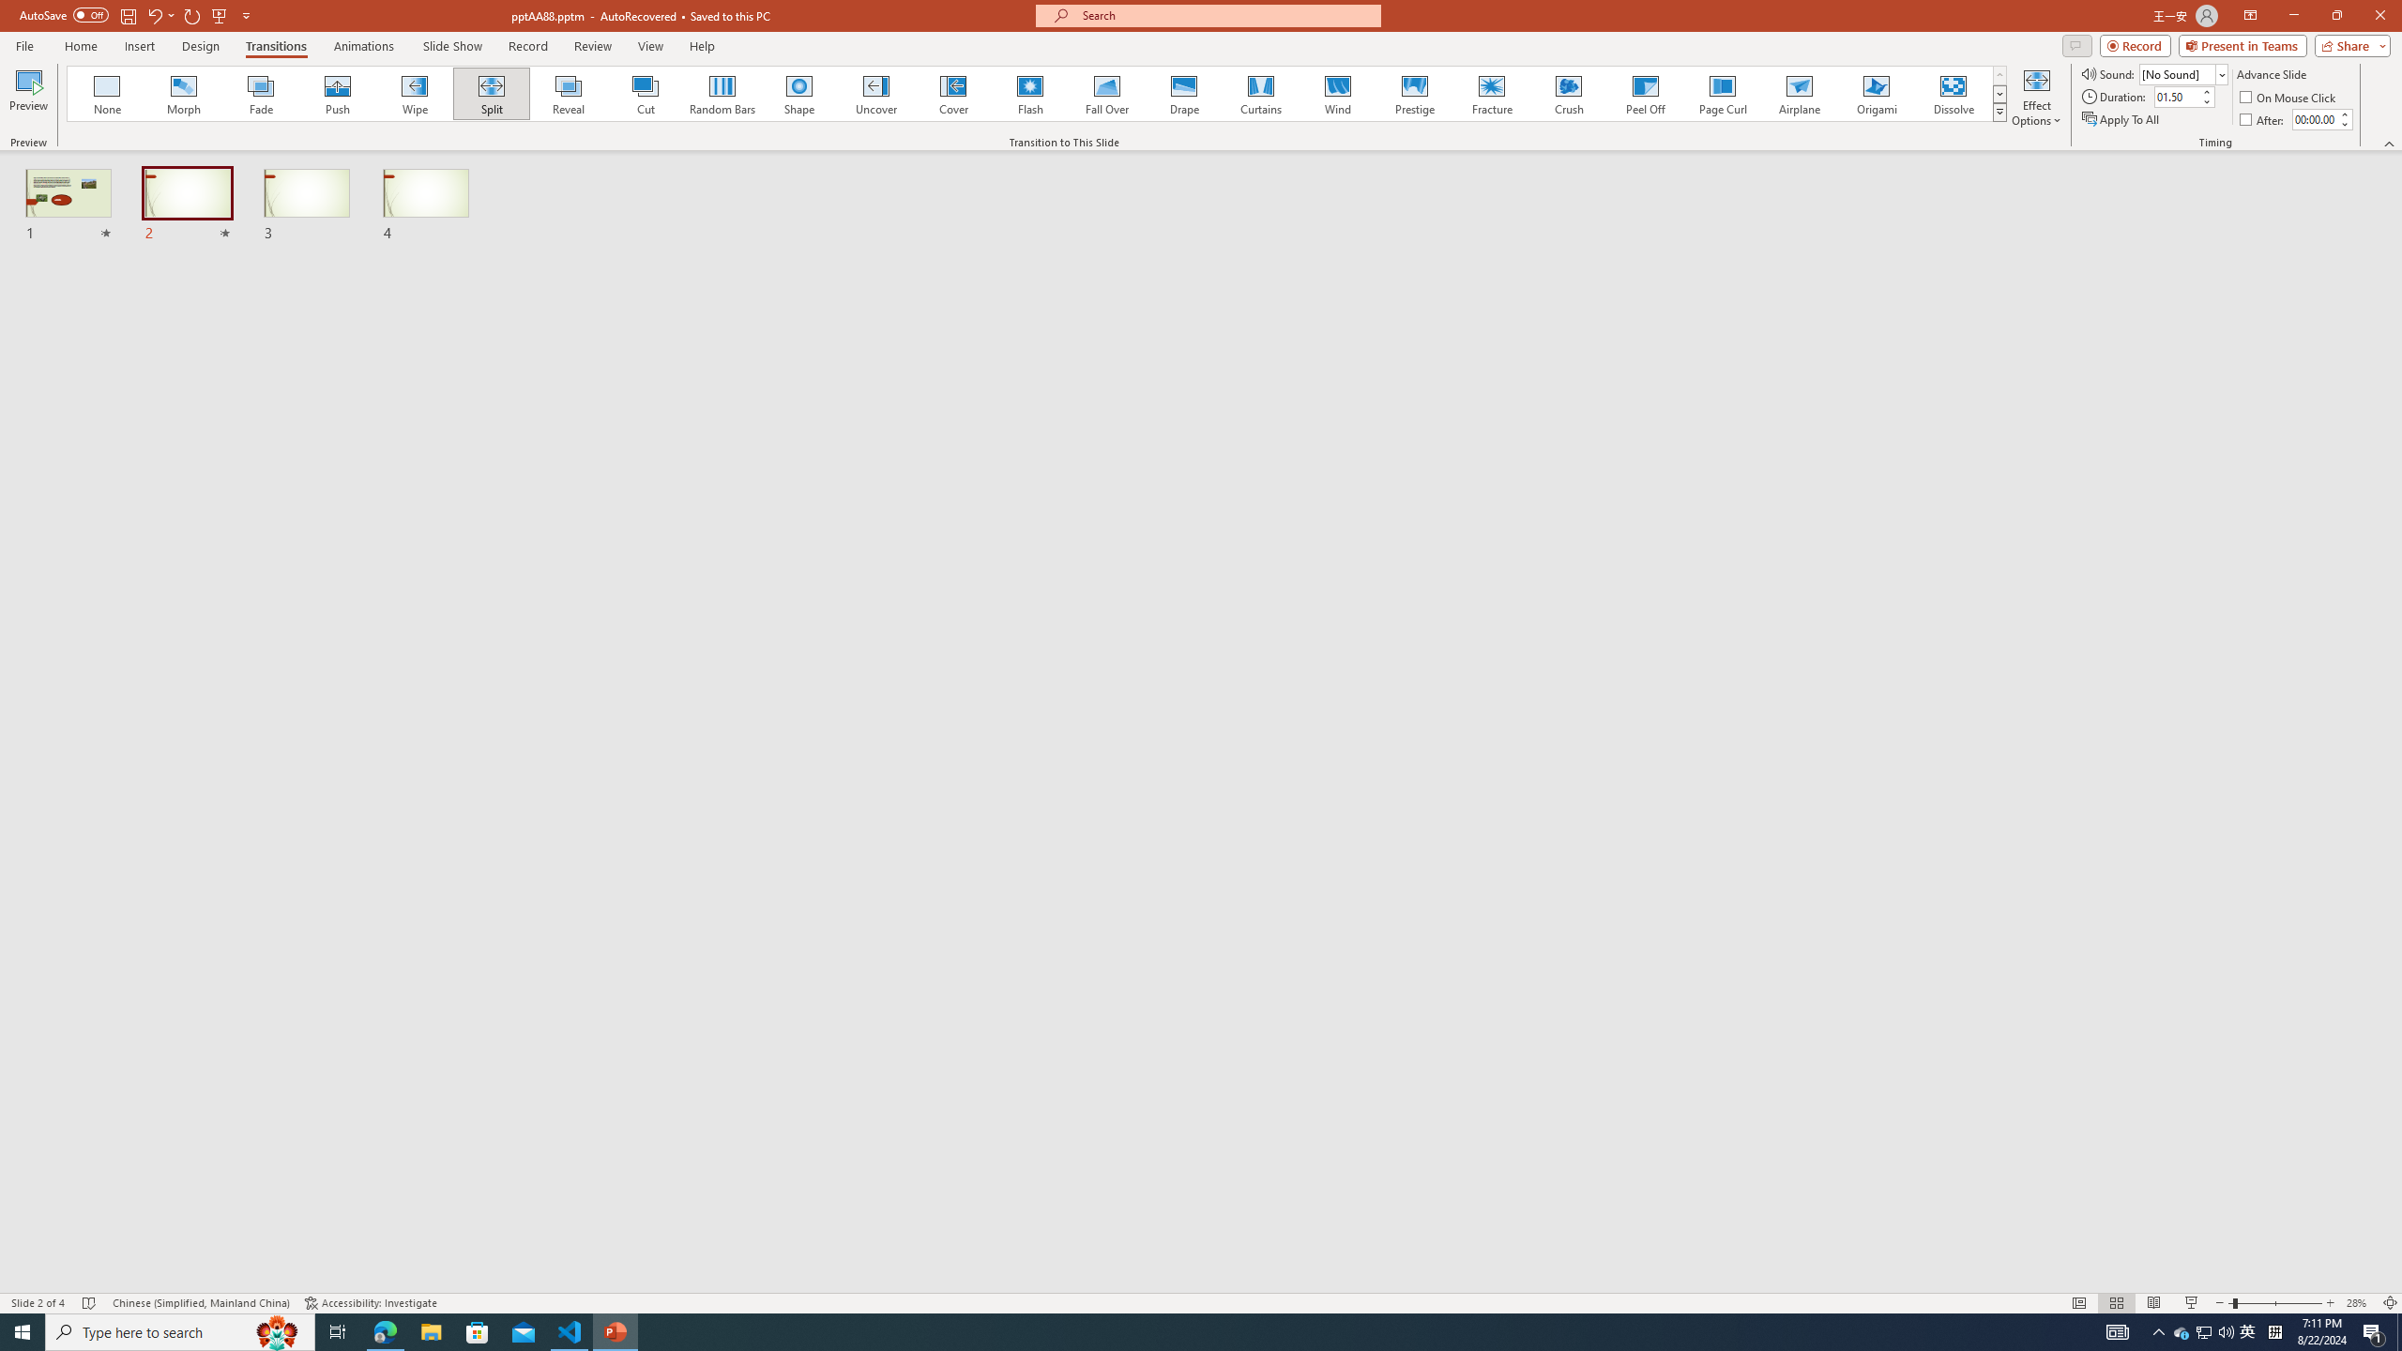  What do you see at coordinates (2122, 119) in the screenshot?
I see `'Apply To All'` at bounding box center [2122, 119].